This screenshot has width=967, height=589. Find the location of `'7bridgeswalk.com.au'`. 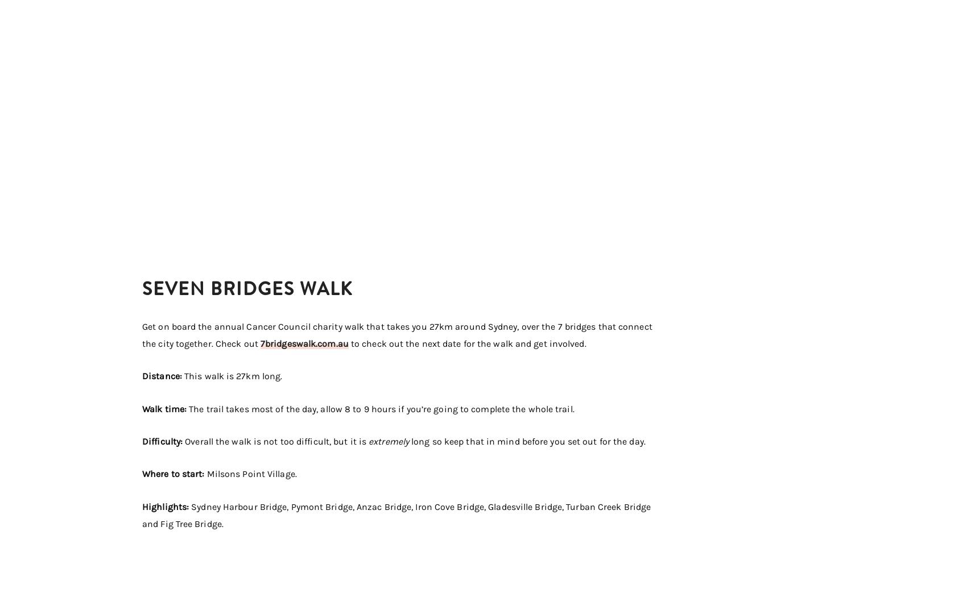

'7bridgeswalk.com.au' is located at coordinates (303, 343).